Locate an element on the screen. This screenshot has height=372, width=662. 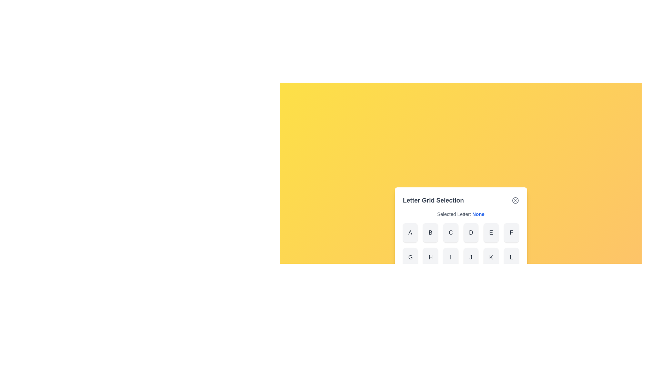
the letter D from the grid is located at coordinates (470, 232).